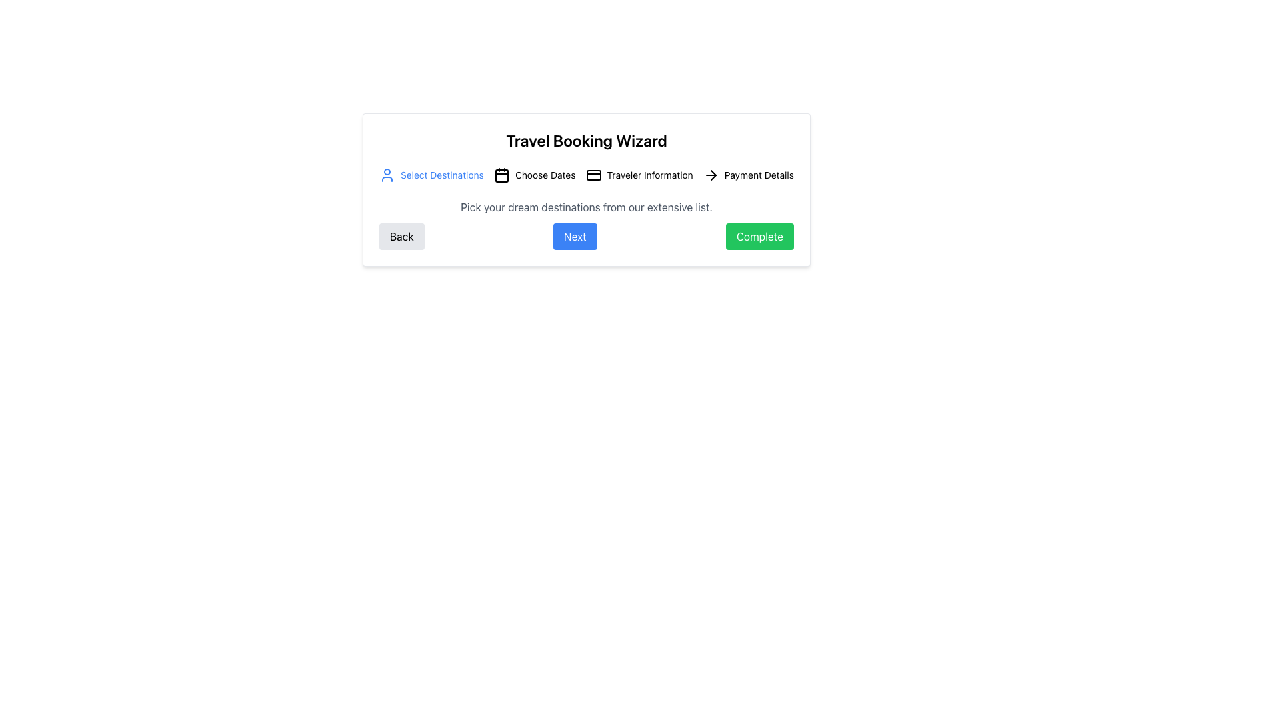 This screenshot has height=720, width=1280. Describe the element at coordinates (749, 174) in the screenshot. I see `the 'Payment Details' label in the Travel Booking Wizard to indicate the current step in the booking process` at that location.